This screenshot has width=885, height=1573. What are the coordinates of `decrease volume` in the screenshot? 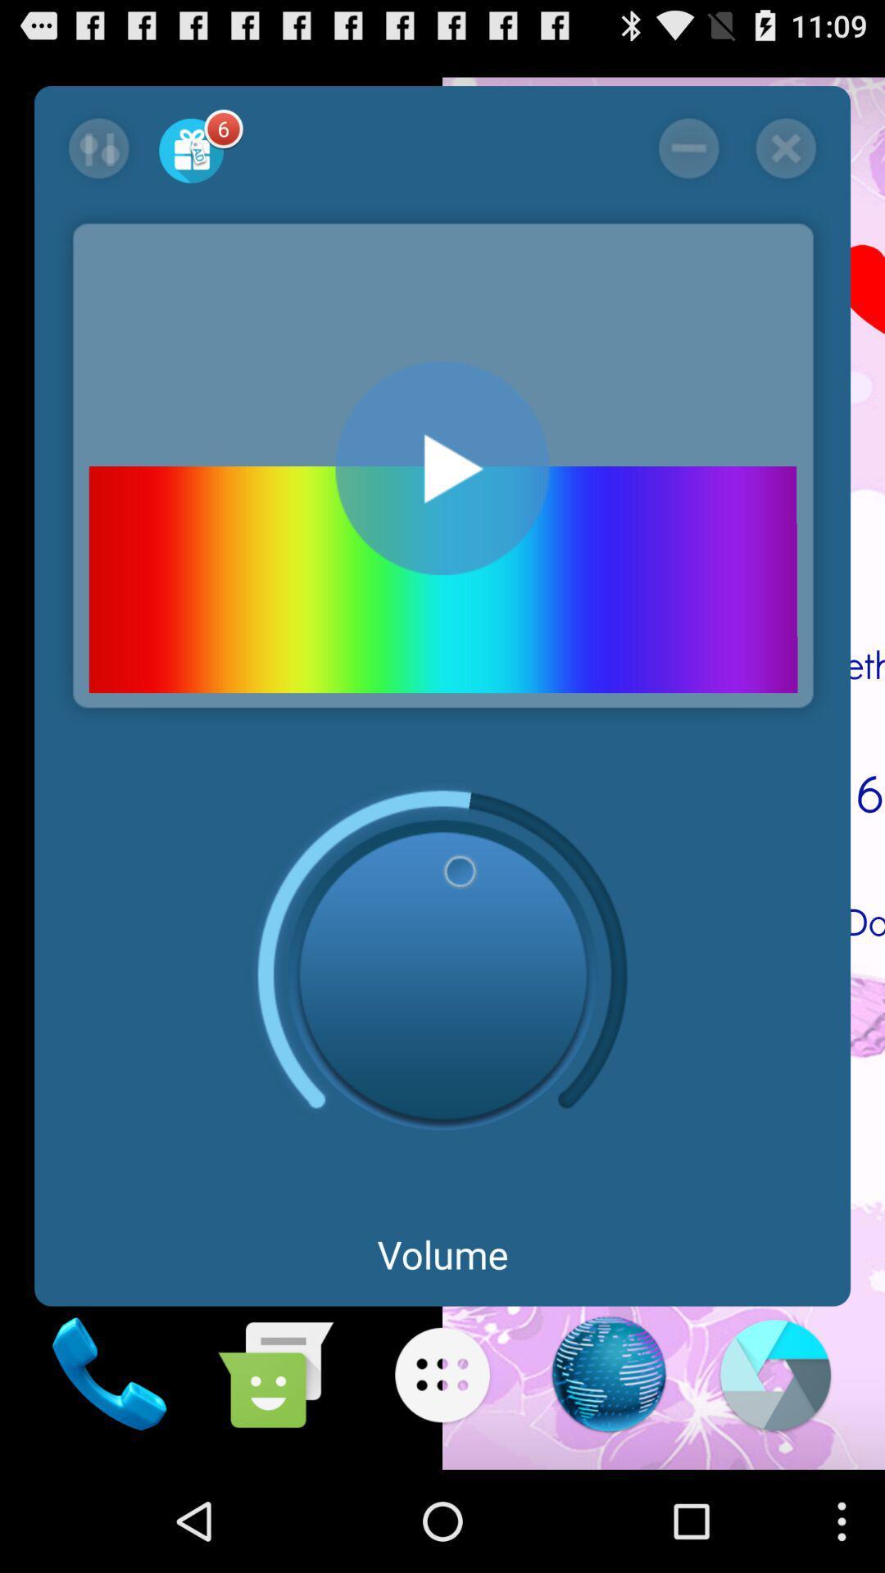 It's located at (688, 148).